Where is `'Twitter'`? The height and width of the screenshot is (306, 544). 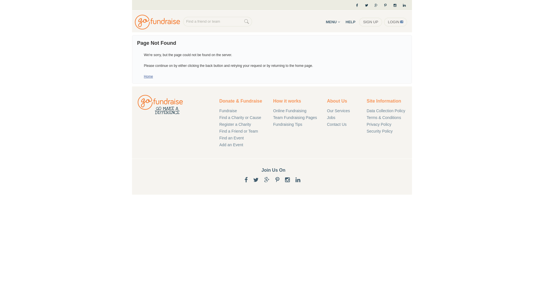 'Twitter' is located at coordinates (366, 5).